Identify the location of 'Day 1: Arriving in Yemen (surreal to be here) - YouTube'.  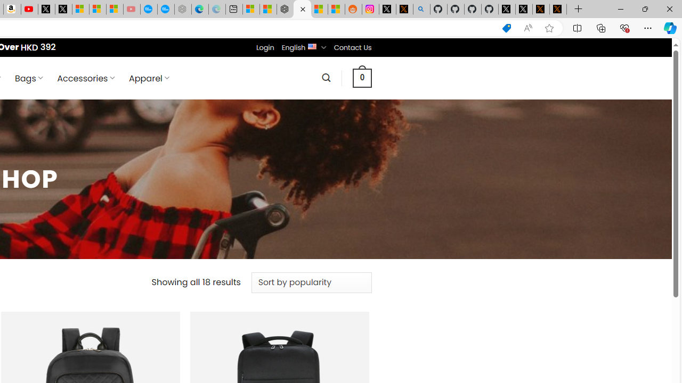
(29, 9).